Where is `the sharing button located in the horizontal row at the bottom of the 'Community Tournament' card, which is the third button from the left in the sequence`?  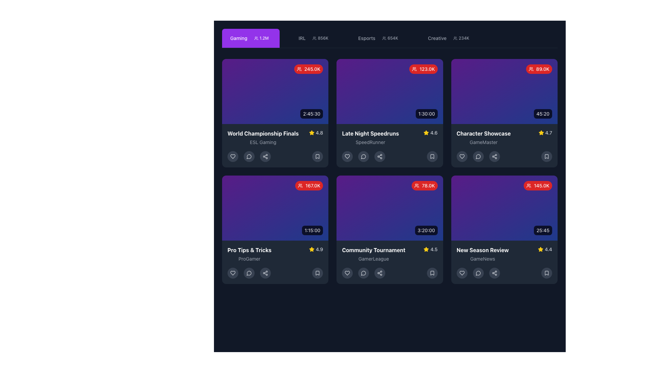
the sharing button located in the horizontal row at the bottom of the 'Community Tournament' card, which is the third button from the left in the sequence is located at coordinates (380, 273).